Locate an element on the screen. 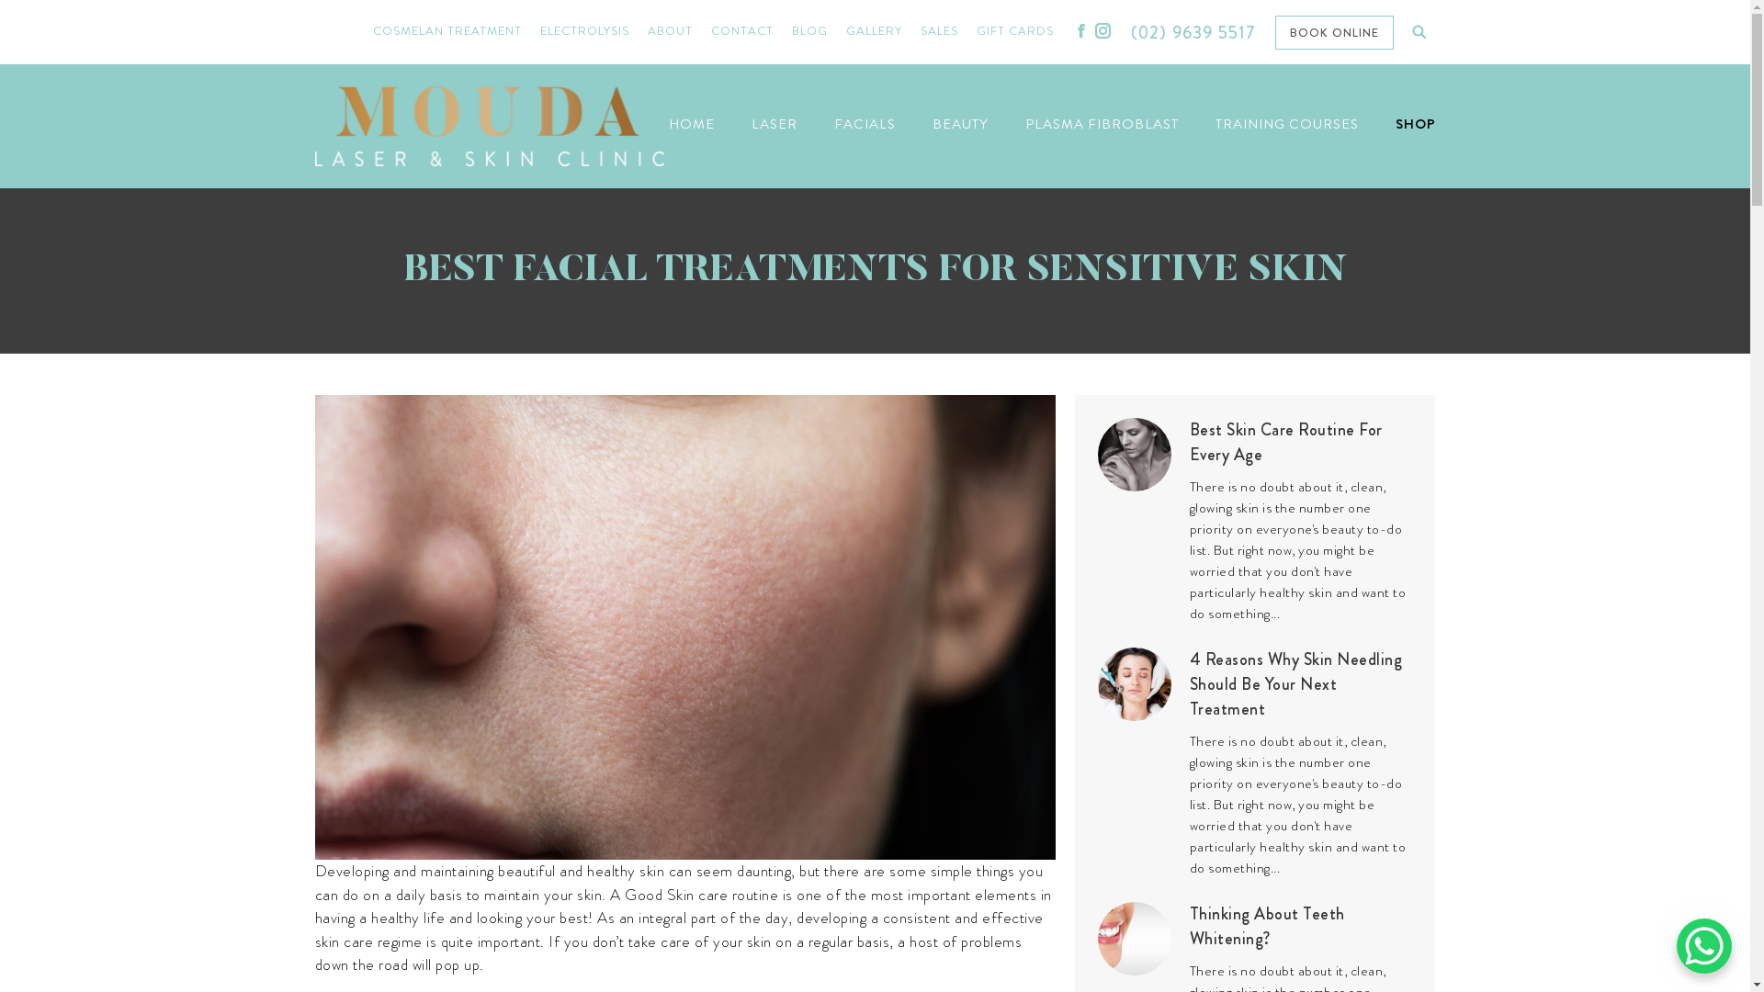 The image size is (1764, 992). 'Instagram' is located at coordinates (1102, 30).